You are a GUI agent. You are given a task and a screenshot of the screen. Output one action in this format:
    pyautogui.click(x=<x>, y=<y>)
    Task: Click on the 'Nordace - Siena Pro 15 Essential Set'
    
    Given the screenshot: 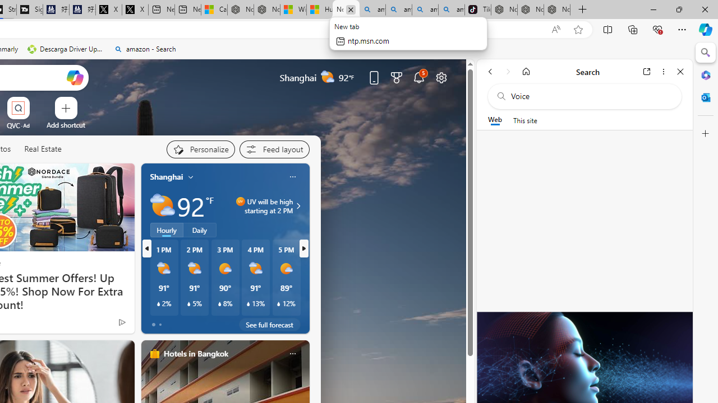 What is the action you would take?
    pyautogui.click(x=557, y=10)
    